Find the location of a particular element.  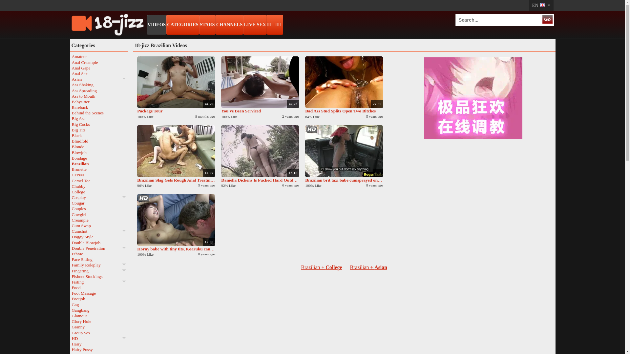

'Anal Gape' is located at coordinates (71, 68).